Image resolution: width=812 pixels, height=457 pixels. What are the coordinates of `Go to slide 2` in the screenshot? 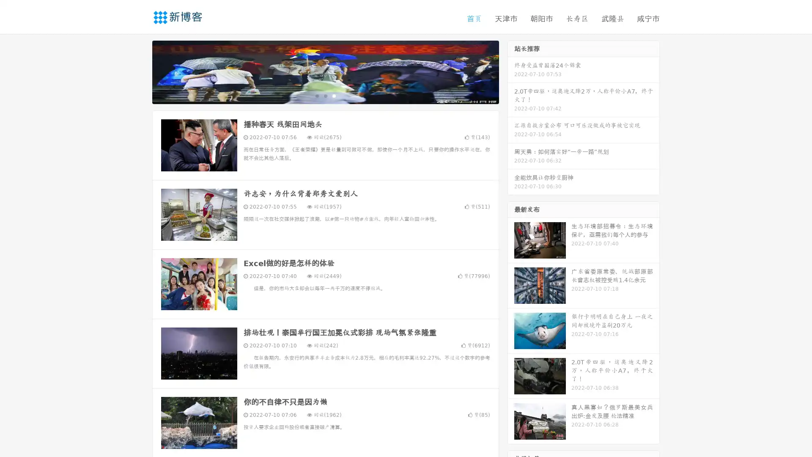 It's located at (325, 95).